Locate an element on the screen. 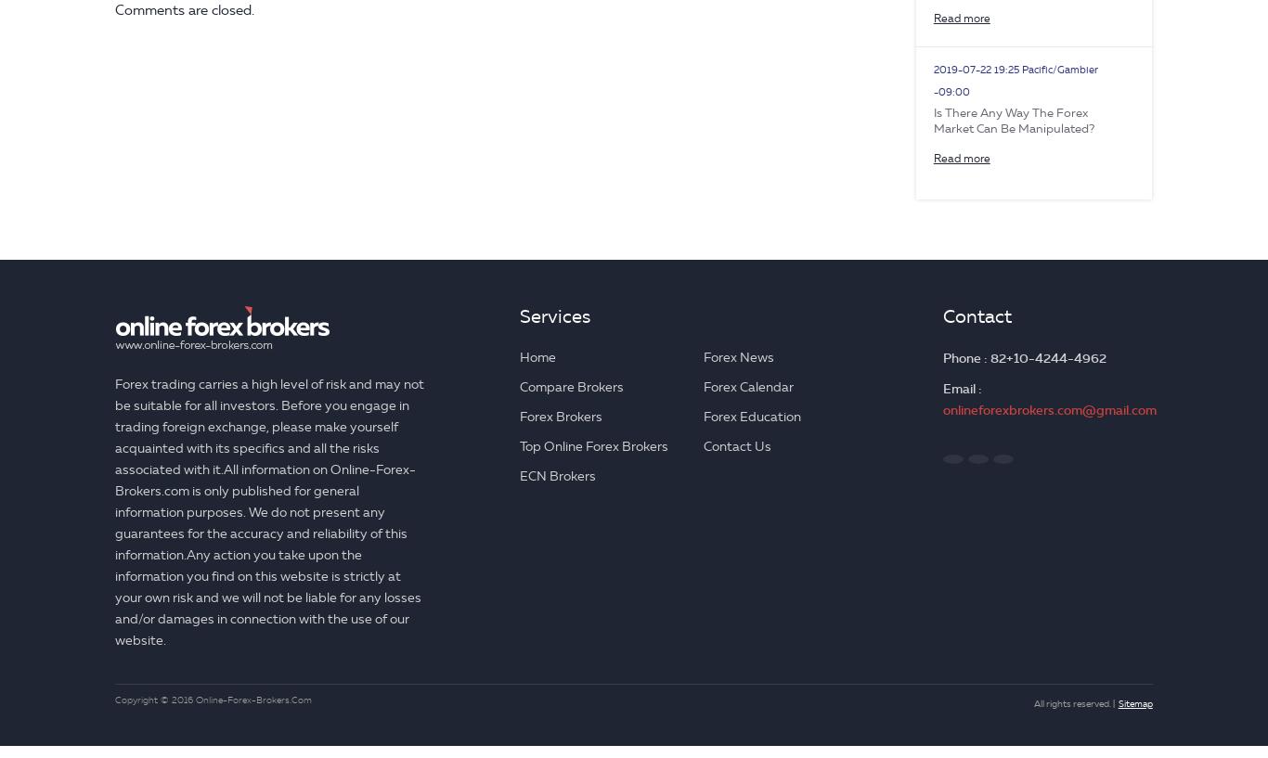  'ECN Brokers' is located at coordinates (557, 474).